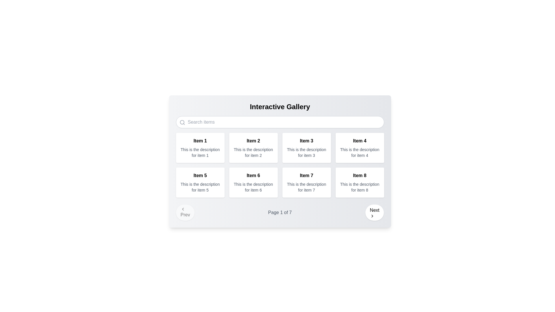 This screenshot has height=312, width=555. I want to click on the heading/title text of the third card in the first row of the grid layout by moving the cursor to it, so click(306, 141).